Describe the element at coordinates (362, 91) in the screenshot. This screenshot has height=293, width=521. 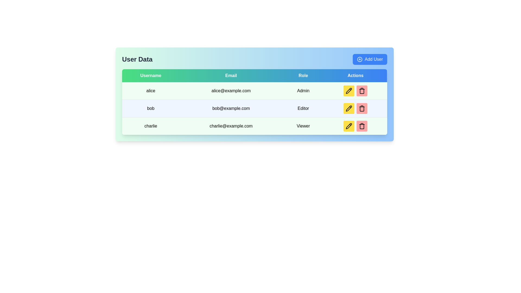
I see `the central body of the trash bin icon located` at that location.